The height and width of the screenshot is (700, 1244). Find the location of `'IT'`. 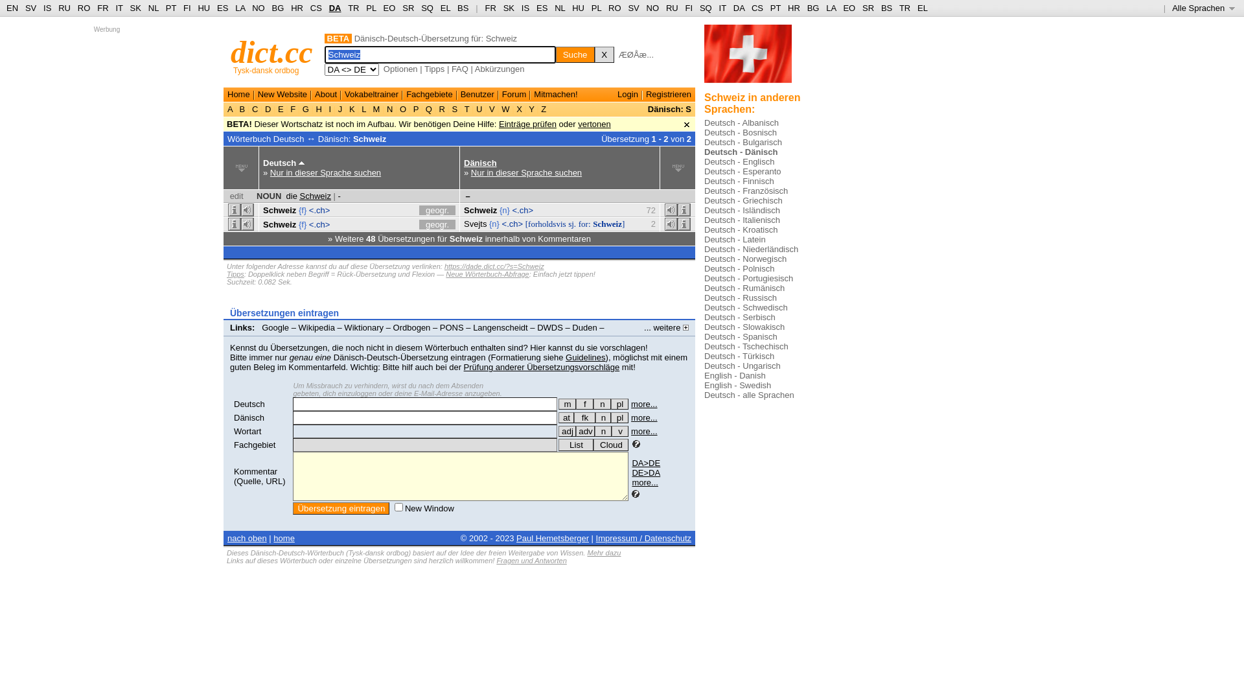

'IT' is located at coordinates (722, 8).